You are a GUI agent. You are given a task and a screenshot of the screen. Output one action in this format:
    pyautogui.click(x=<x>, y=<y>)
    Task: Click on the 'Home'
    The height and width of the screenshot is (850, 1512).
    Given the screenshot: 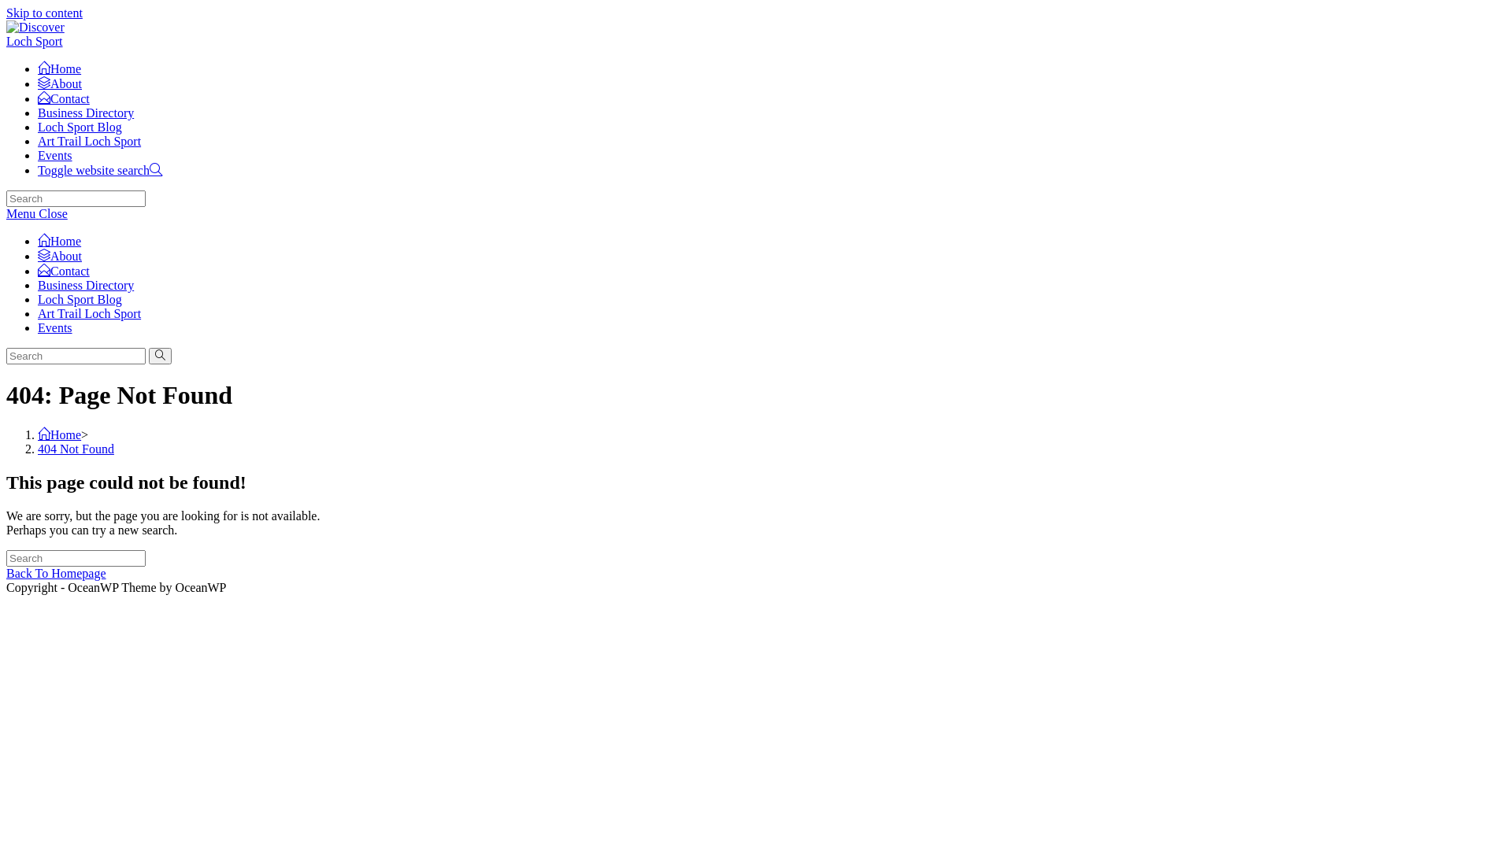 What is the action you would take?
    pyautogui.click(x=59, y=241)
    